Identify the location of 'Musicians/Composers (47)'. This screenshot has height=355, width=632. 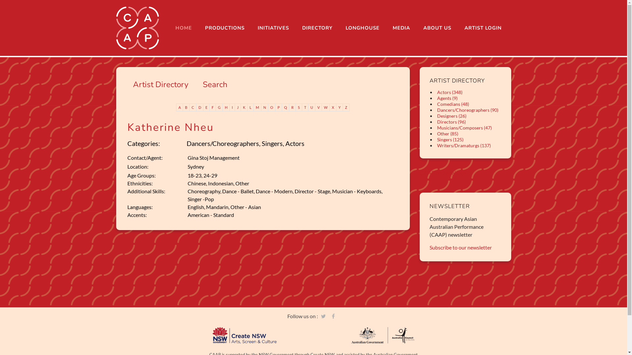
(464, 128).